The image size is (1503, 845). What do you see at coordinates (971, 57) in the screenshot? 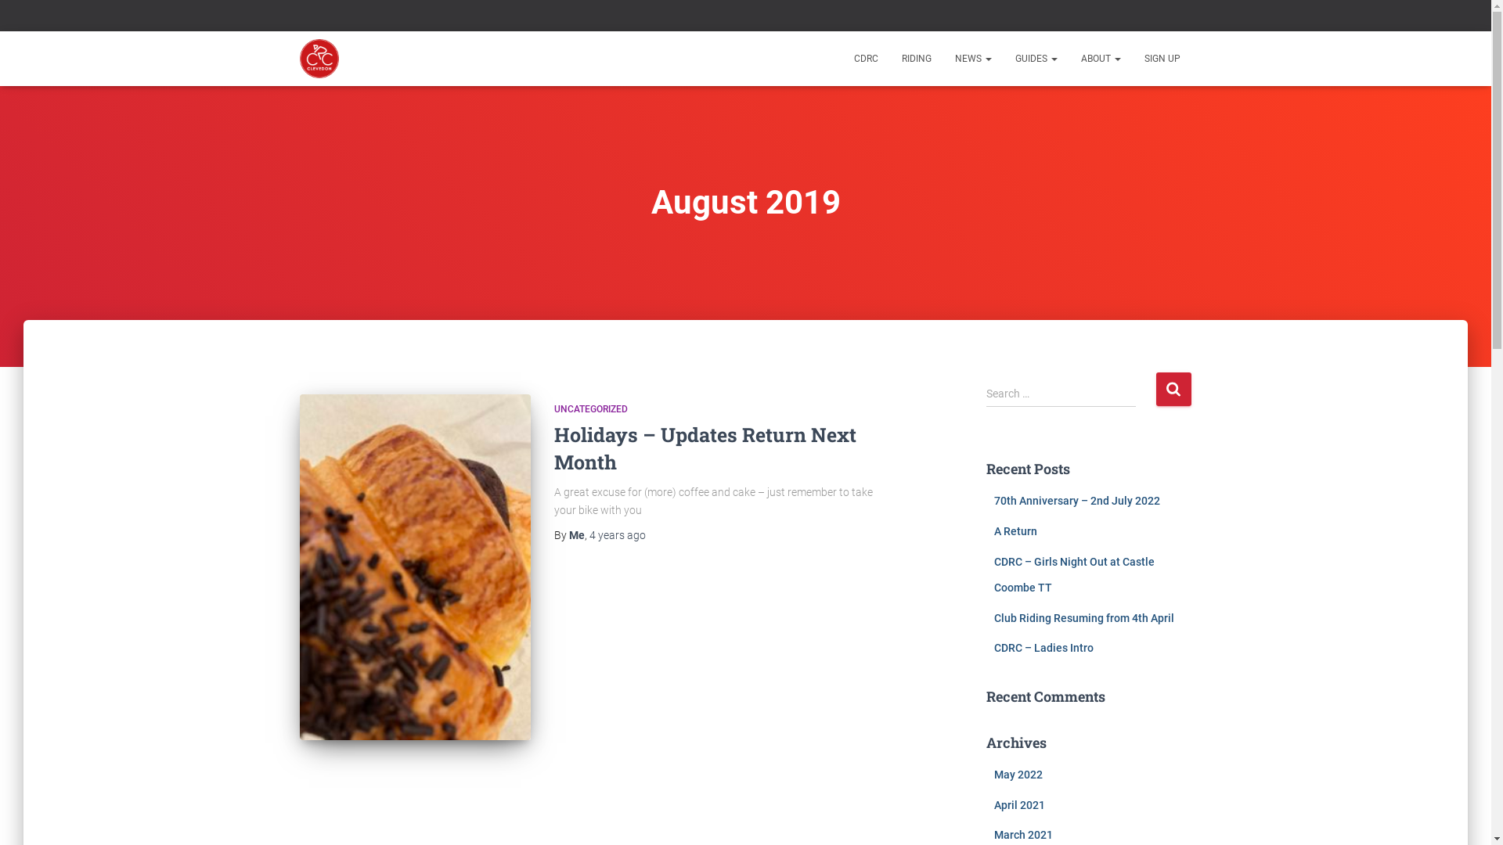
I see `'NEWS'` at bounding box center [971, 57].